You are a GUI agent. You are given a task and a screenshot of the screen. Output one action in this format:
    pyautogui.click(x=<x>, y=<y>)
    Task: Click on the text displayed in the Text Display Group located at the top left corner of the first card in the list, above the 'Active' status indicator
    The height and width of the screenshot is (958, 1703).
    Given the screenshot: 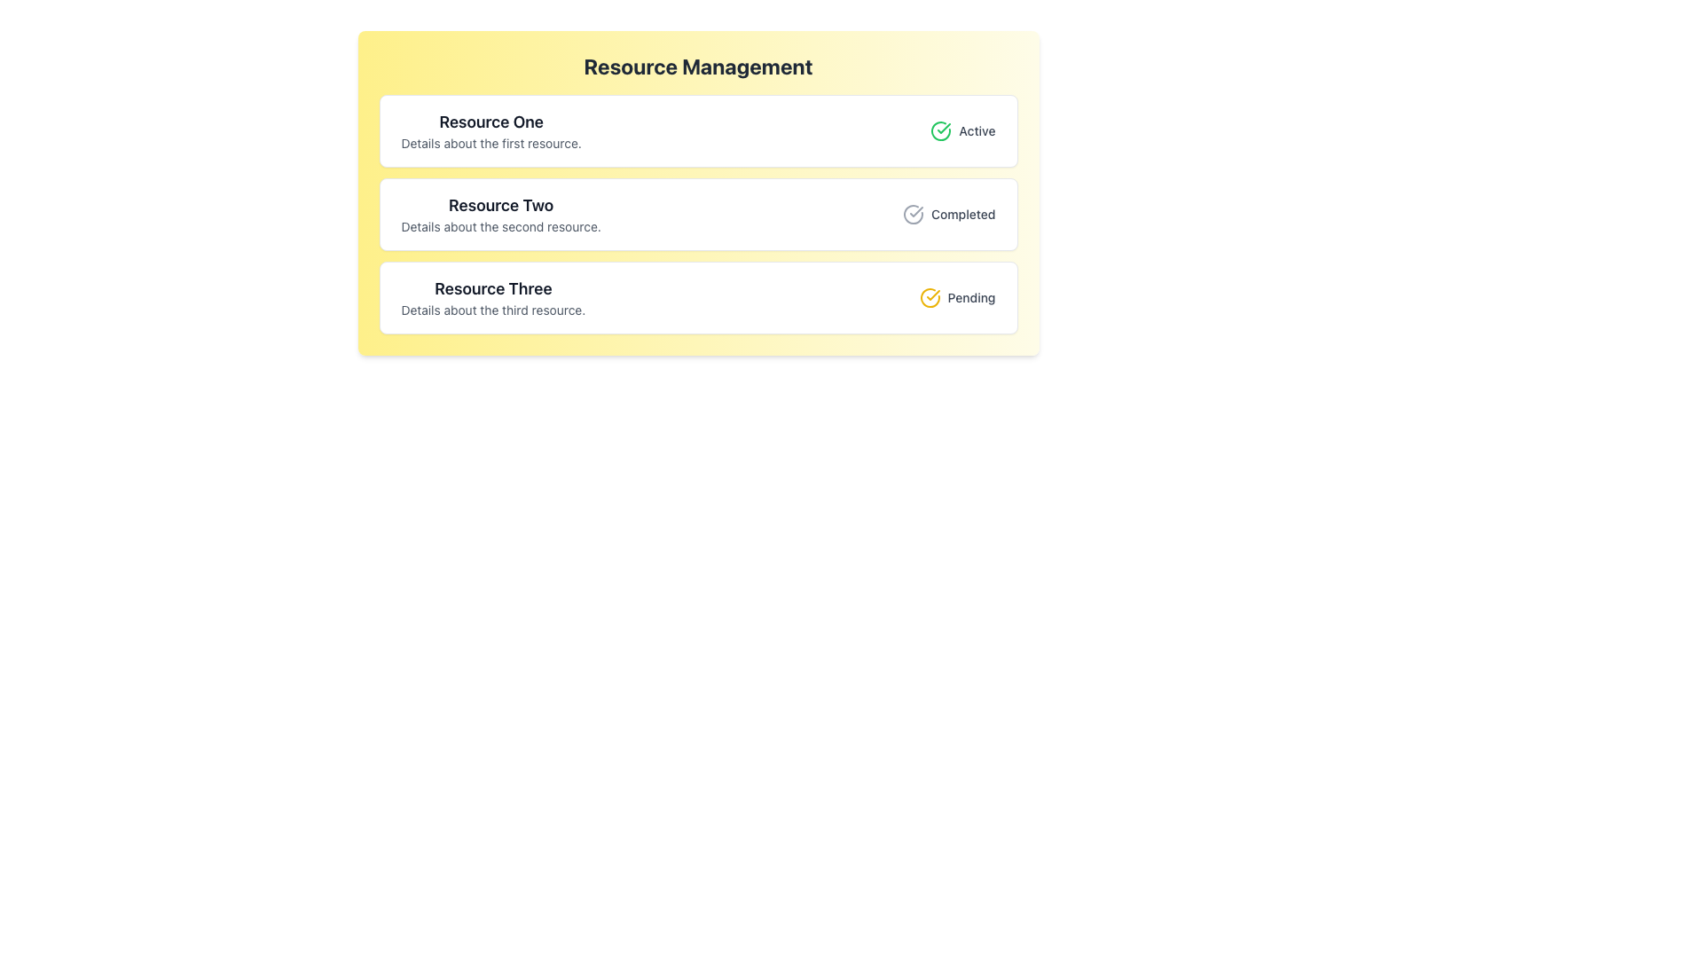 What is the action you would take?
    pyautogui.click(x=491, y=130)
    